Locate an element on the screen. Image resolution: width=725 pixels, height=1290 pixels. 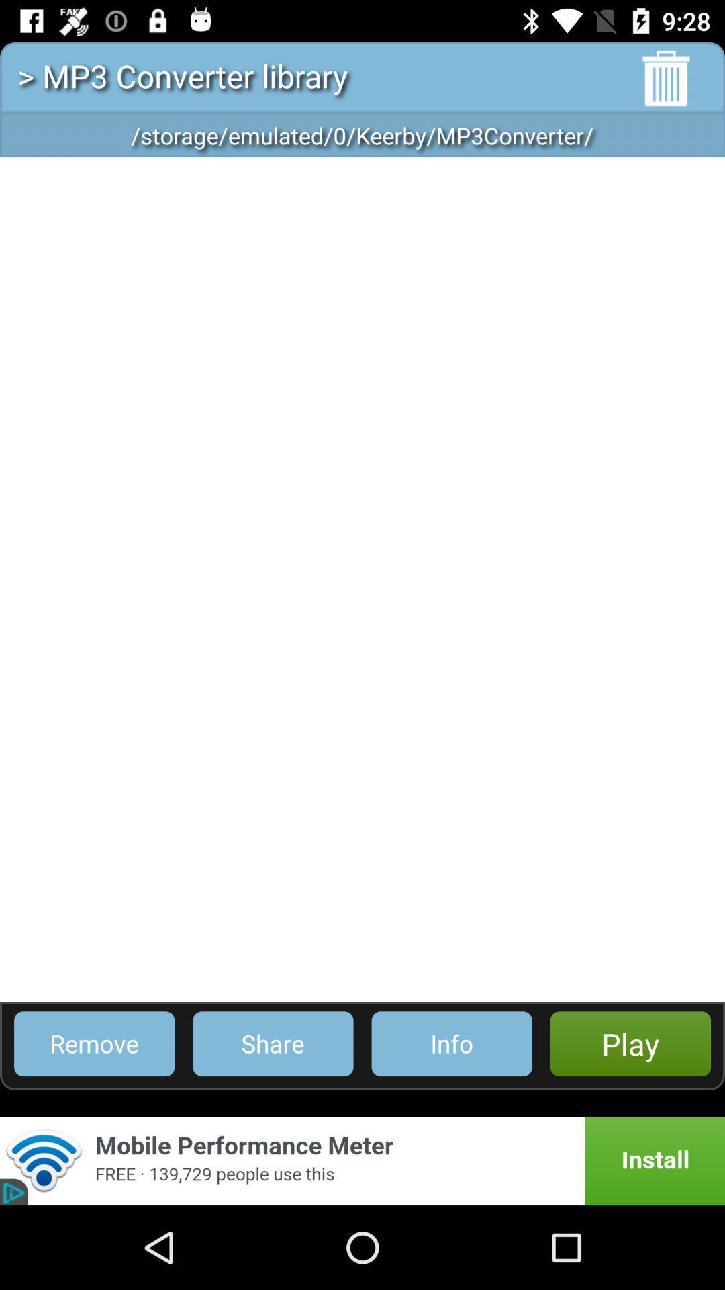
the item to the right of share icon is located at coordinates (452, 1043).